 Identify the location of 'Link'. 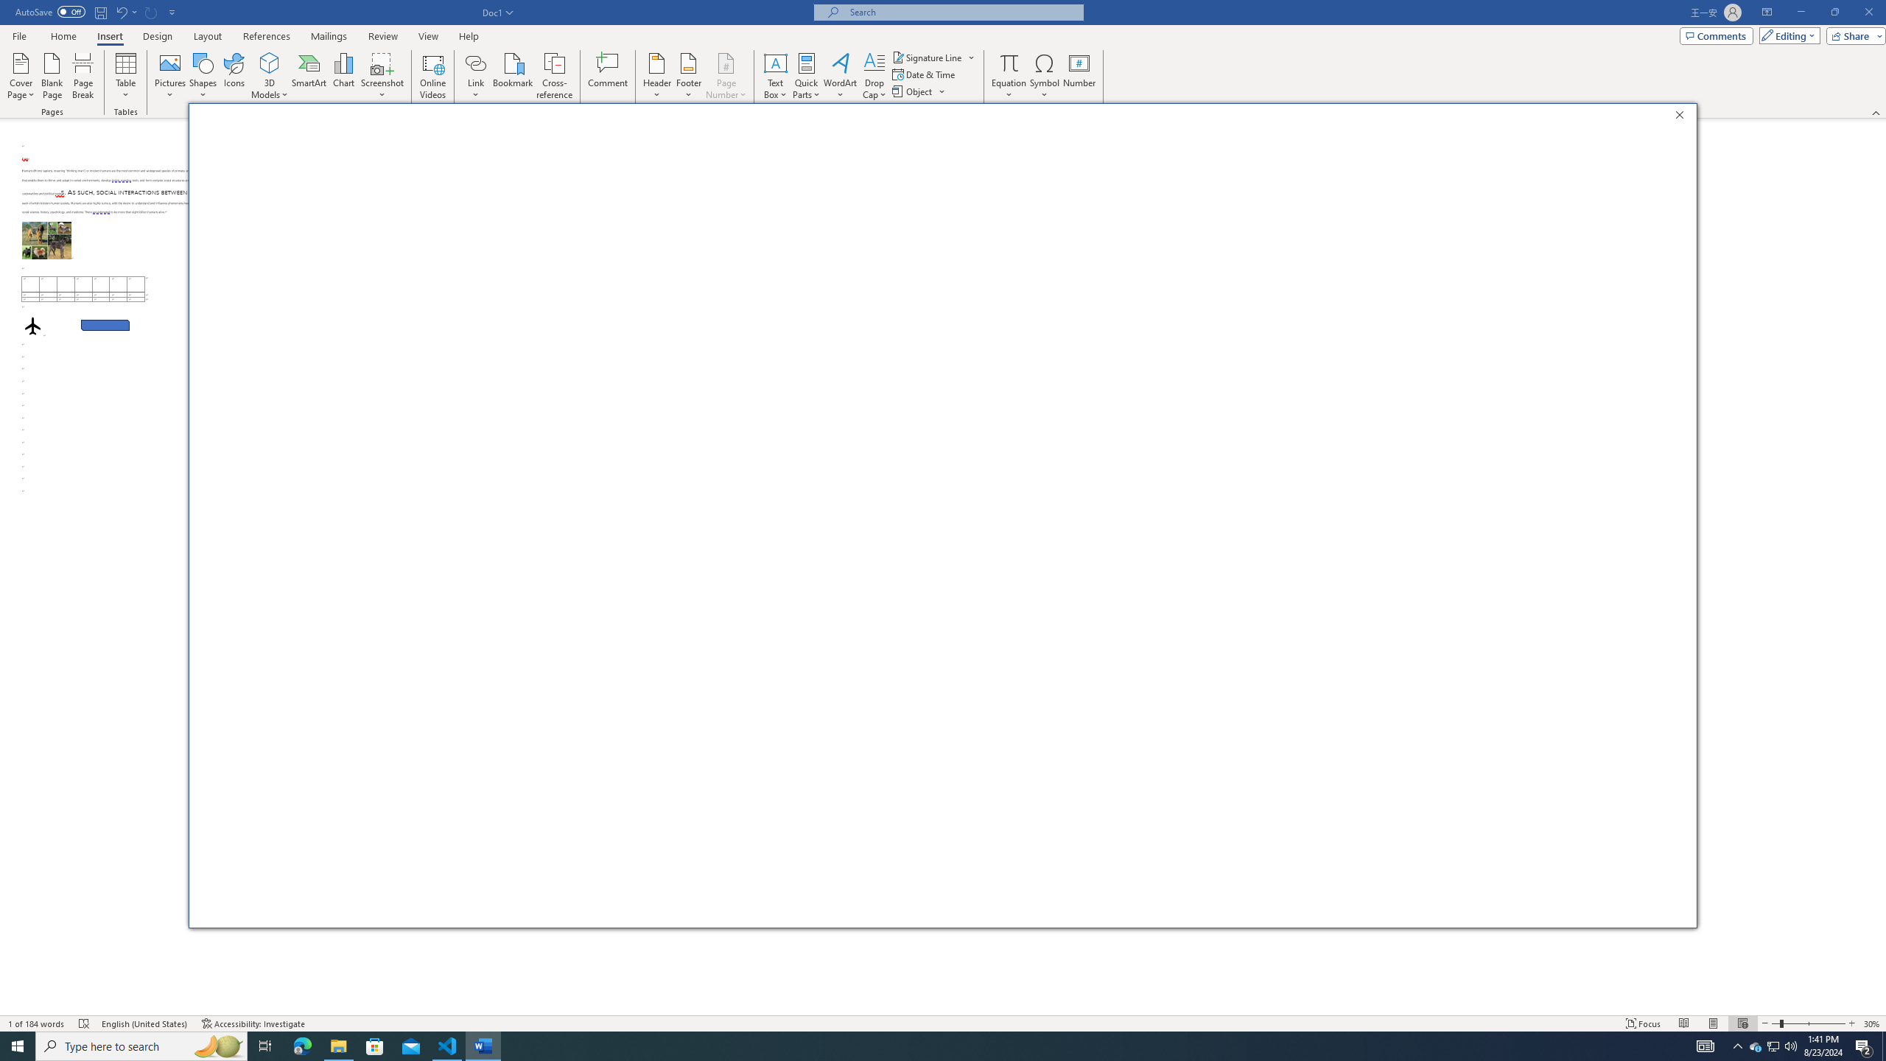
(475, 62).